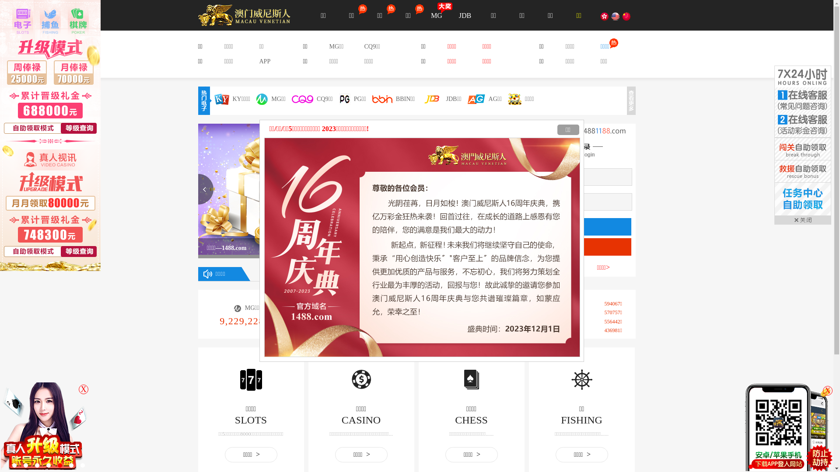 This screenshot has height=472, width=840. I want to click on 'X', so click(827, 390).